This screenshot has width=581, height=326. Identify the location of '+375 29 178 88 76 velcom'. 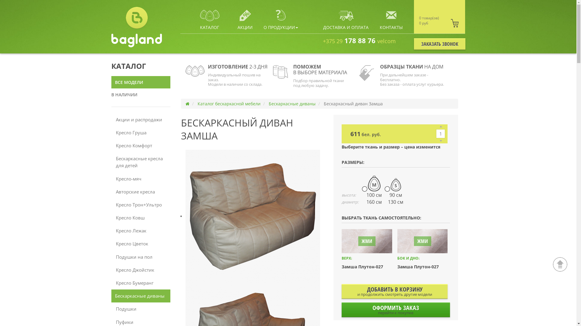
(359, 40).